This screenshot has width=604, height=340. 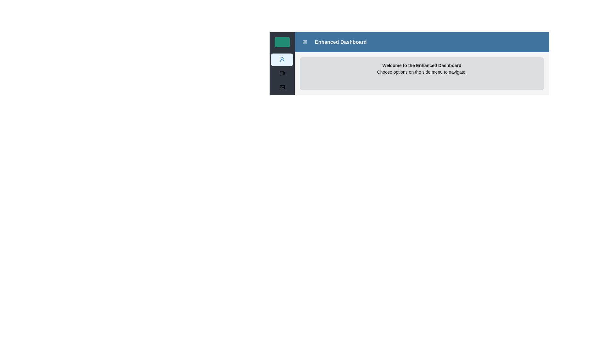 I want to click on the 'Videos' menu icon, which is located to the left of the word 'Videos' in the vertical menu on the left side of the interface, so click(x=282, y=73).